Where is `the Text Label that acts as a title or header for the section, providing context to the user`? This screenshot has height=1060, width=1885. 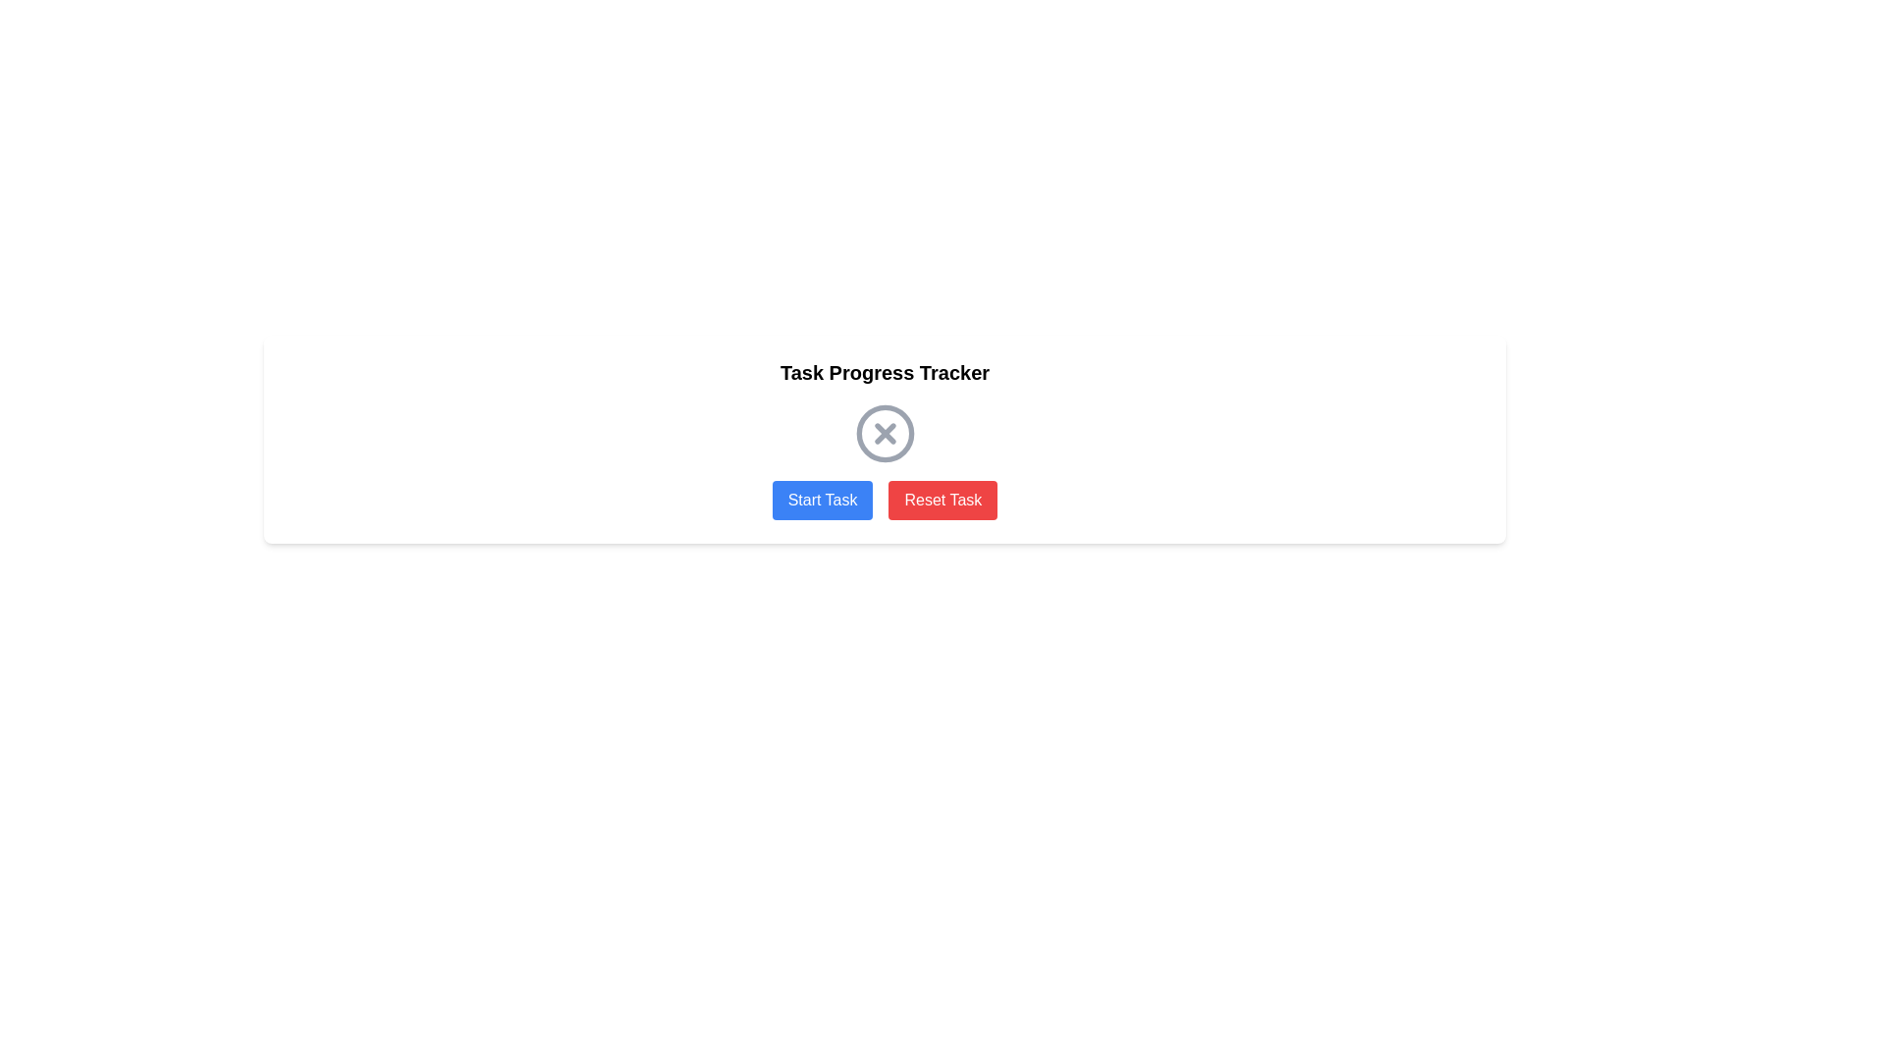 the Text Label that acts as a title or header for the section, providing context to the user is located at coordinates (884, 373).